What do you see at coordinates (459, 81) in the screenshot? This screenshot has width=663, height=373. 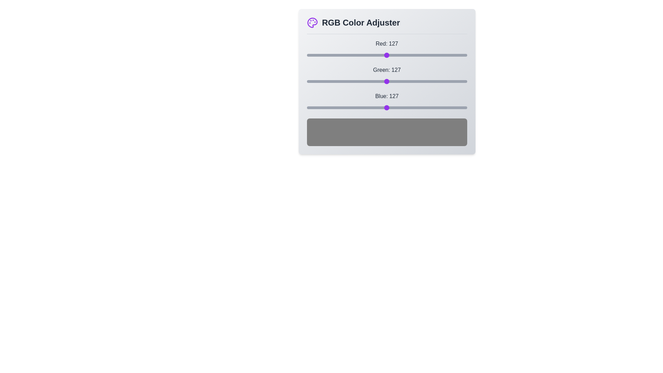 I see `the green slider to set the green value to 243` at bounding box center [459, 81].